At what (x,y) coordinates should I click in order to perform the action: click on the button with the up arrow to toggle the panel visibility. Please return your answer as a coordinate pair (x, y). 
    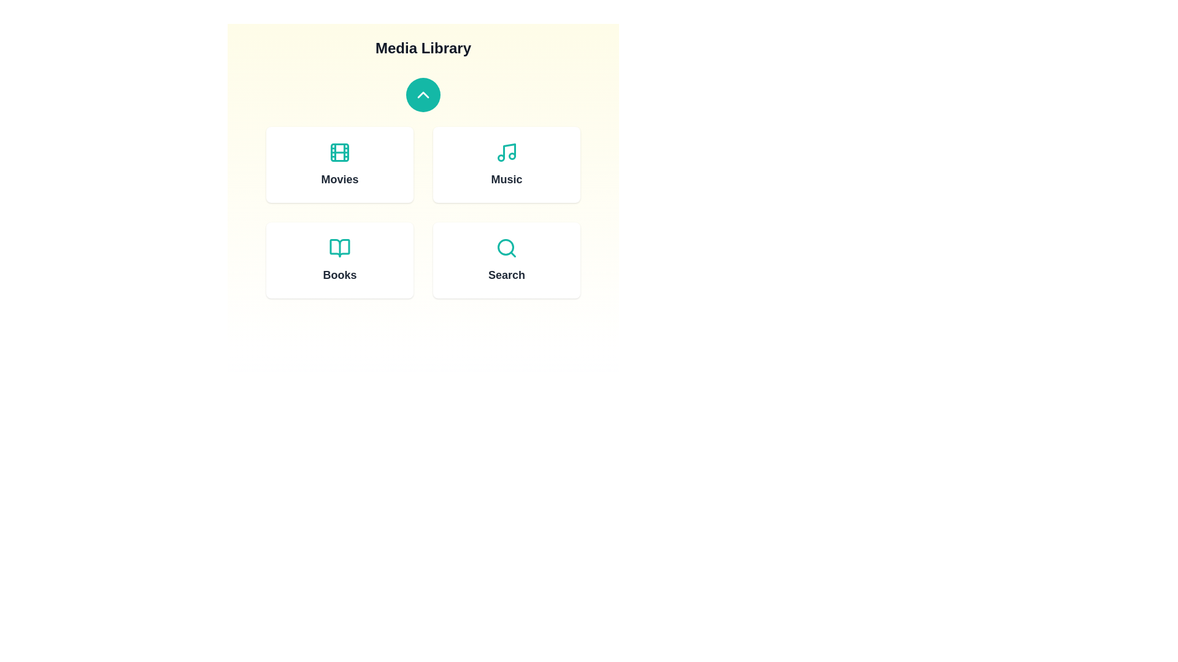
    Looking at the image, I should click on (423, 94).